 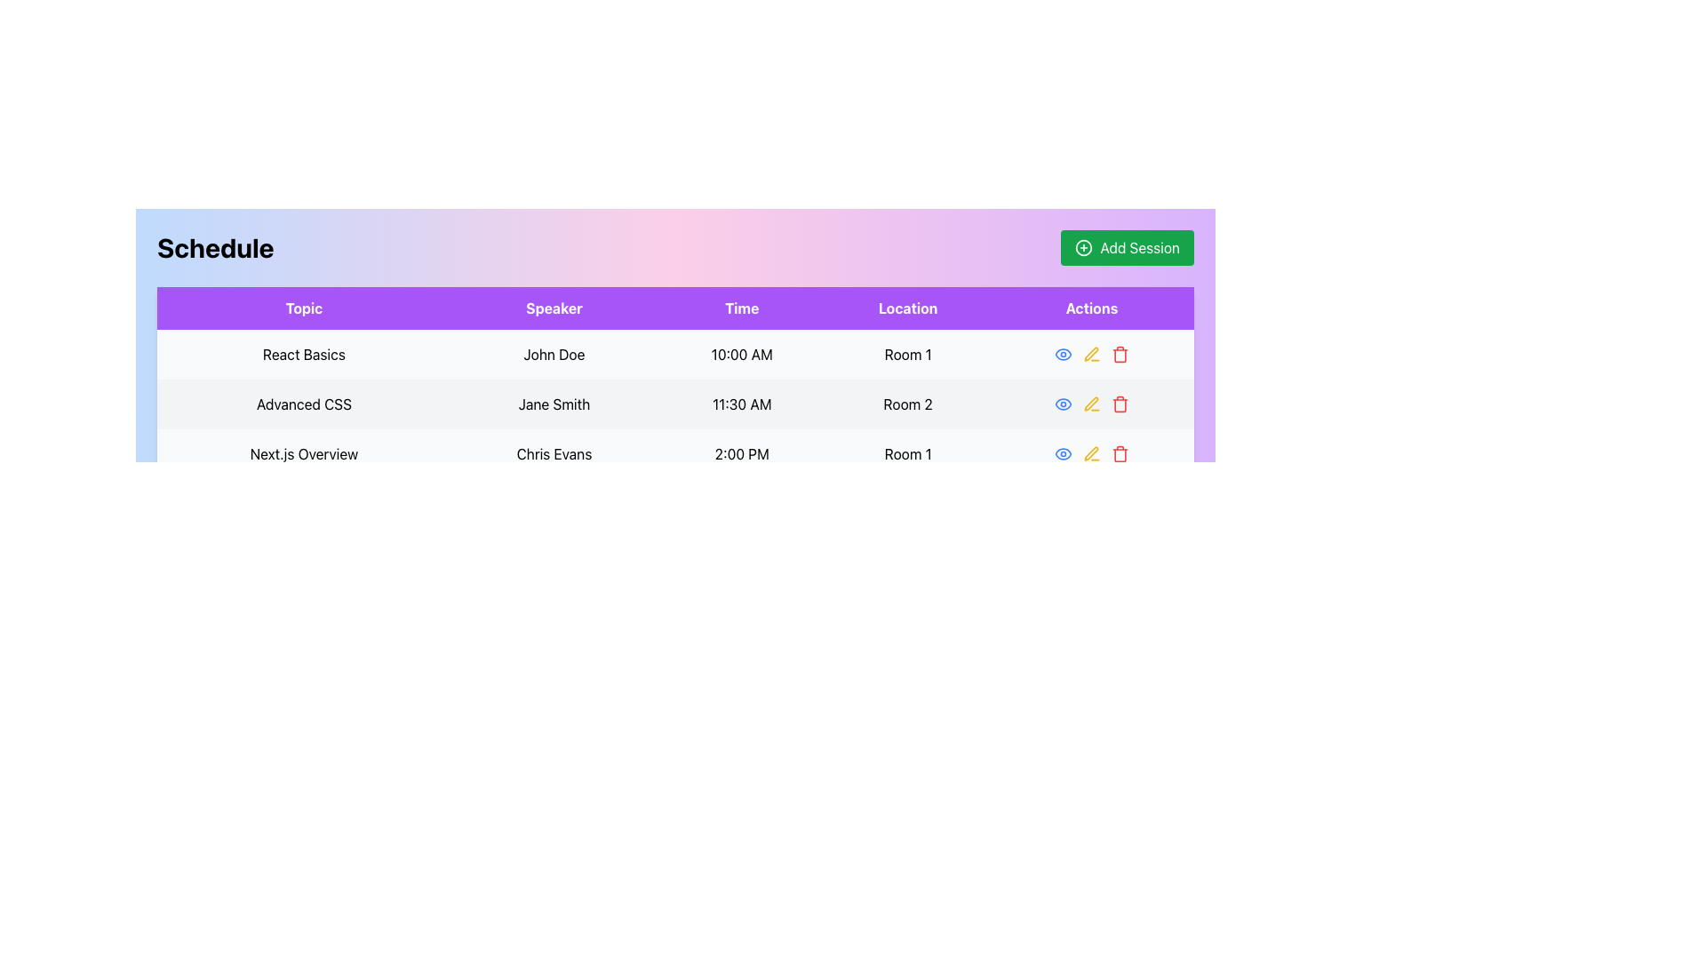 What do you see at coordinates (1118, 404) in the screenshot?
I see `the delete icon button located in the 'Actions' column of the second row for 'Advanced CSS'` at bounding box center [1118, 404].